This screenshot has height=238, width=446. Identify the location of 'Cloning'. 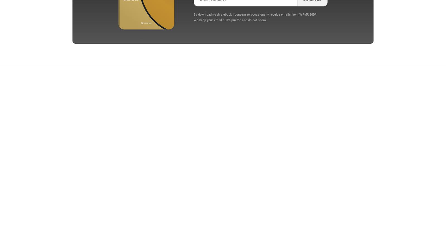
(176, 110).